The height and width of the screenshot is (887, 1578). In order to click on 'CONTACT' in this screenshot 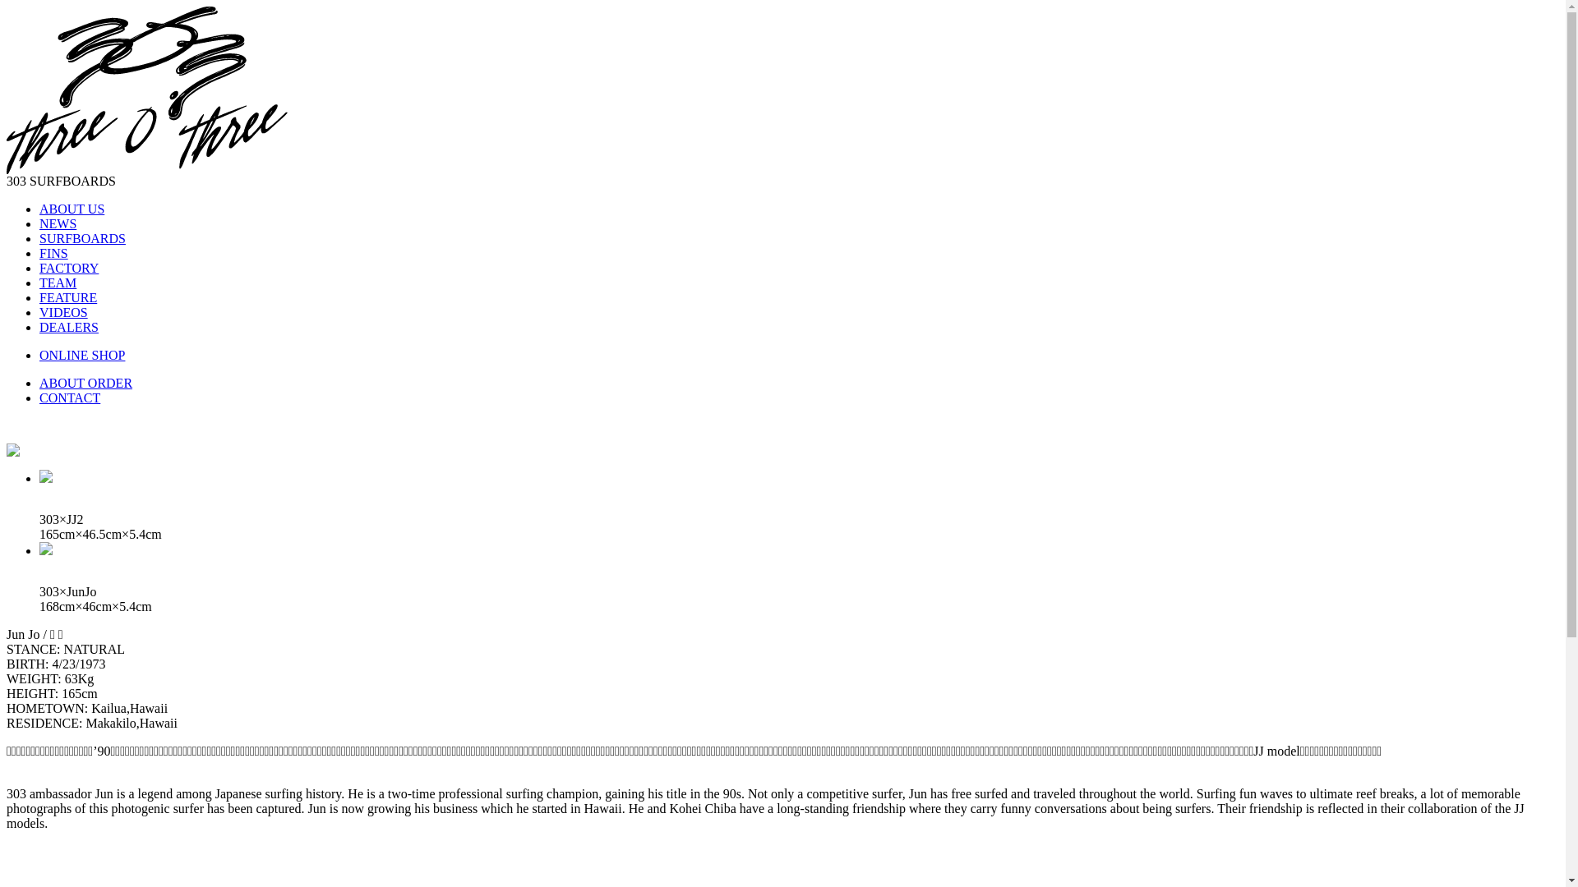, I will do `click(69, 398)`.